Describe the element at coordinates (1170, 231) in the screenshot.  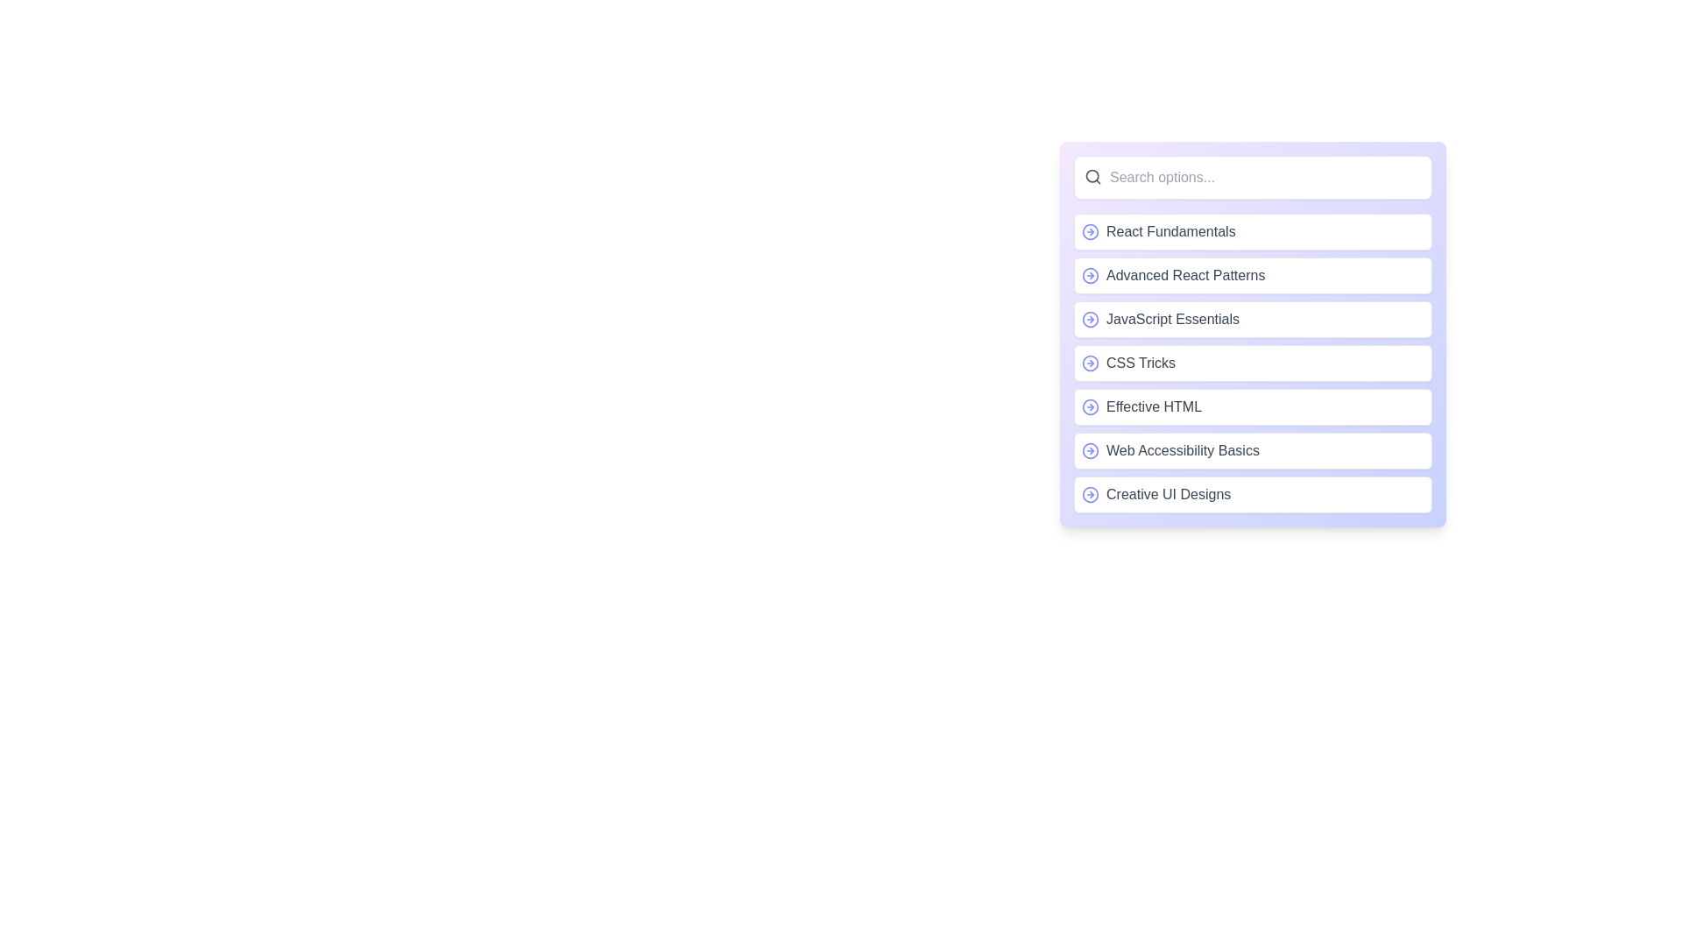
I see `the 'React Fundamentals' text label, which is part of a selectable list item in a dropdown or menu component` at that location.